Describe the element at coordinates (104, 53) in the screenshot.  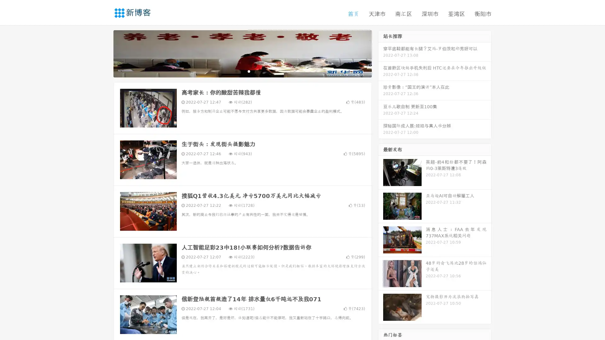
I see `Previous slide` at that location.